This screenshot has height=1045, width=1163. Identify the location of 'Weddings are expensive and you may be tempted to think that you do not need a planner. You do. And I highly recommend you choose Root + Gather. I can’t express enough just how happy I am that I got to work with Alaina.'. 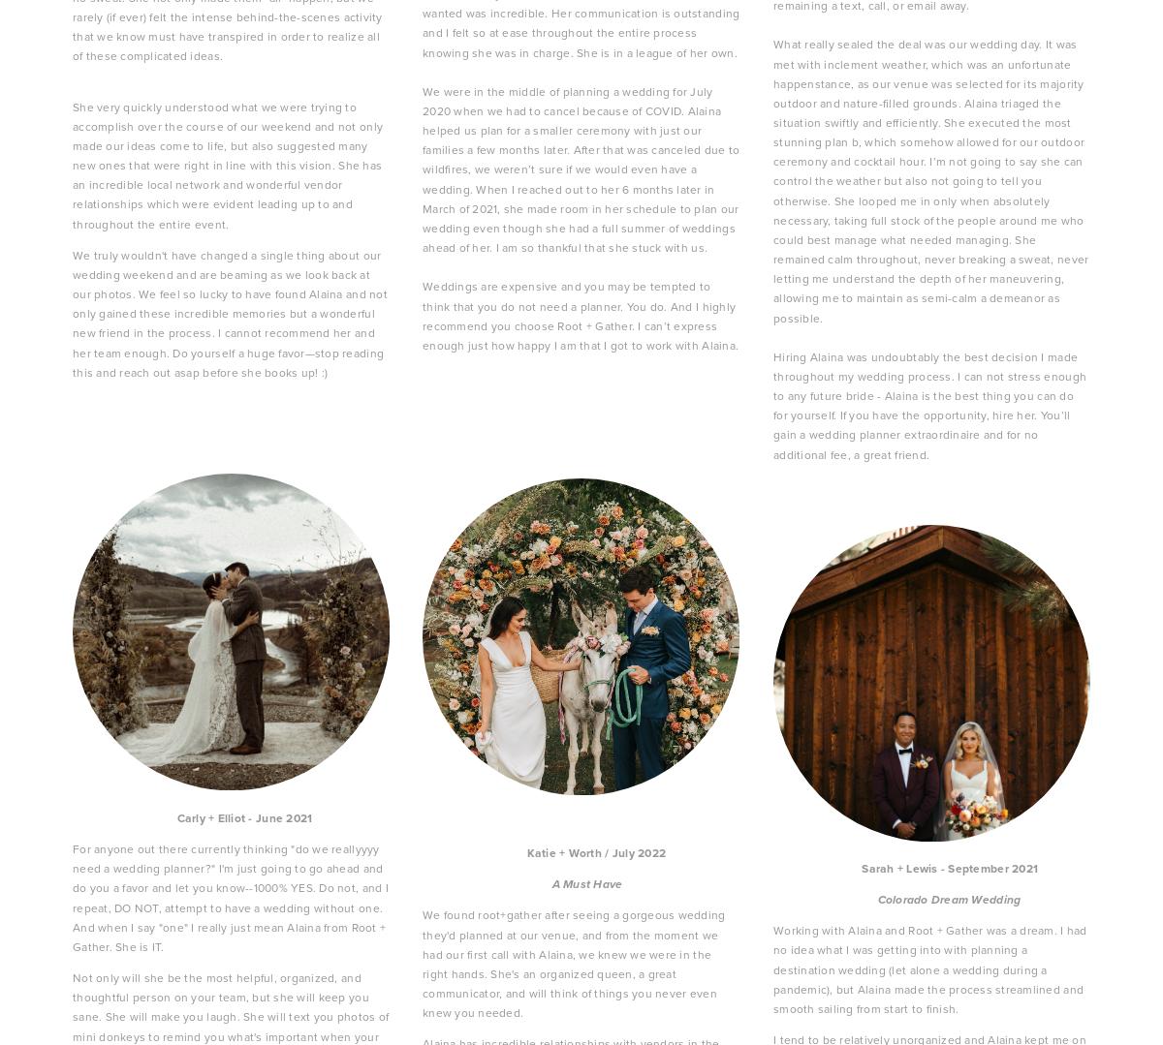
(580, 314).